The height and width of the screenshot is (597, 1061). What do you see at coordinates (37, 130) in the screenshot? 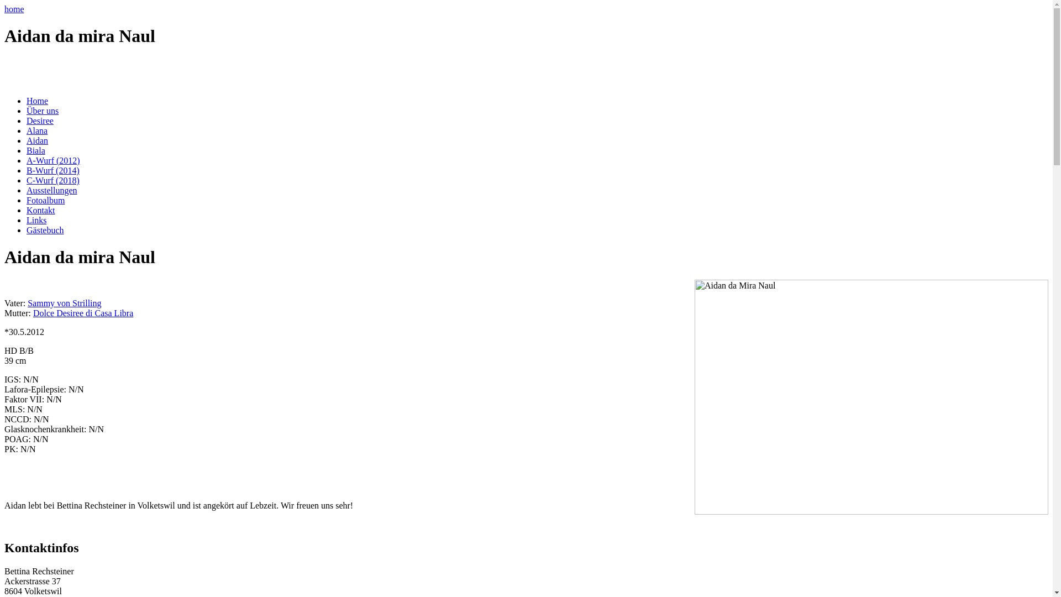
I see `'Alana'` at bounding box center [37, 130].